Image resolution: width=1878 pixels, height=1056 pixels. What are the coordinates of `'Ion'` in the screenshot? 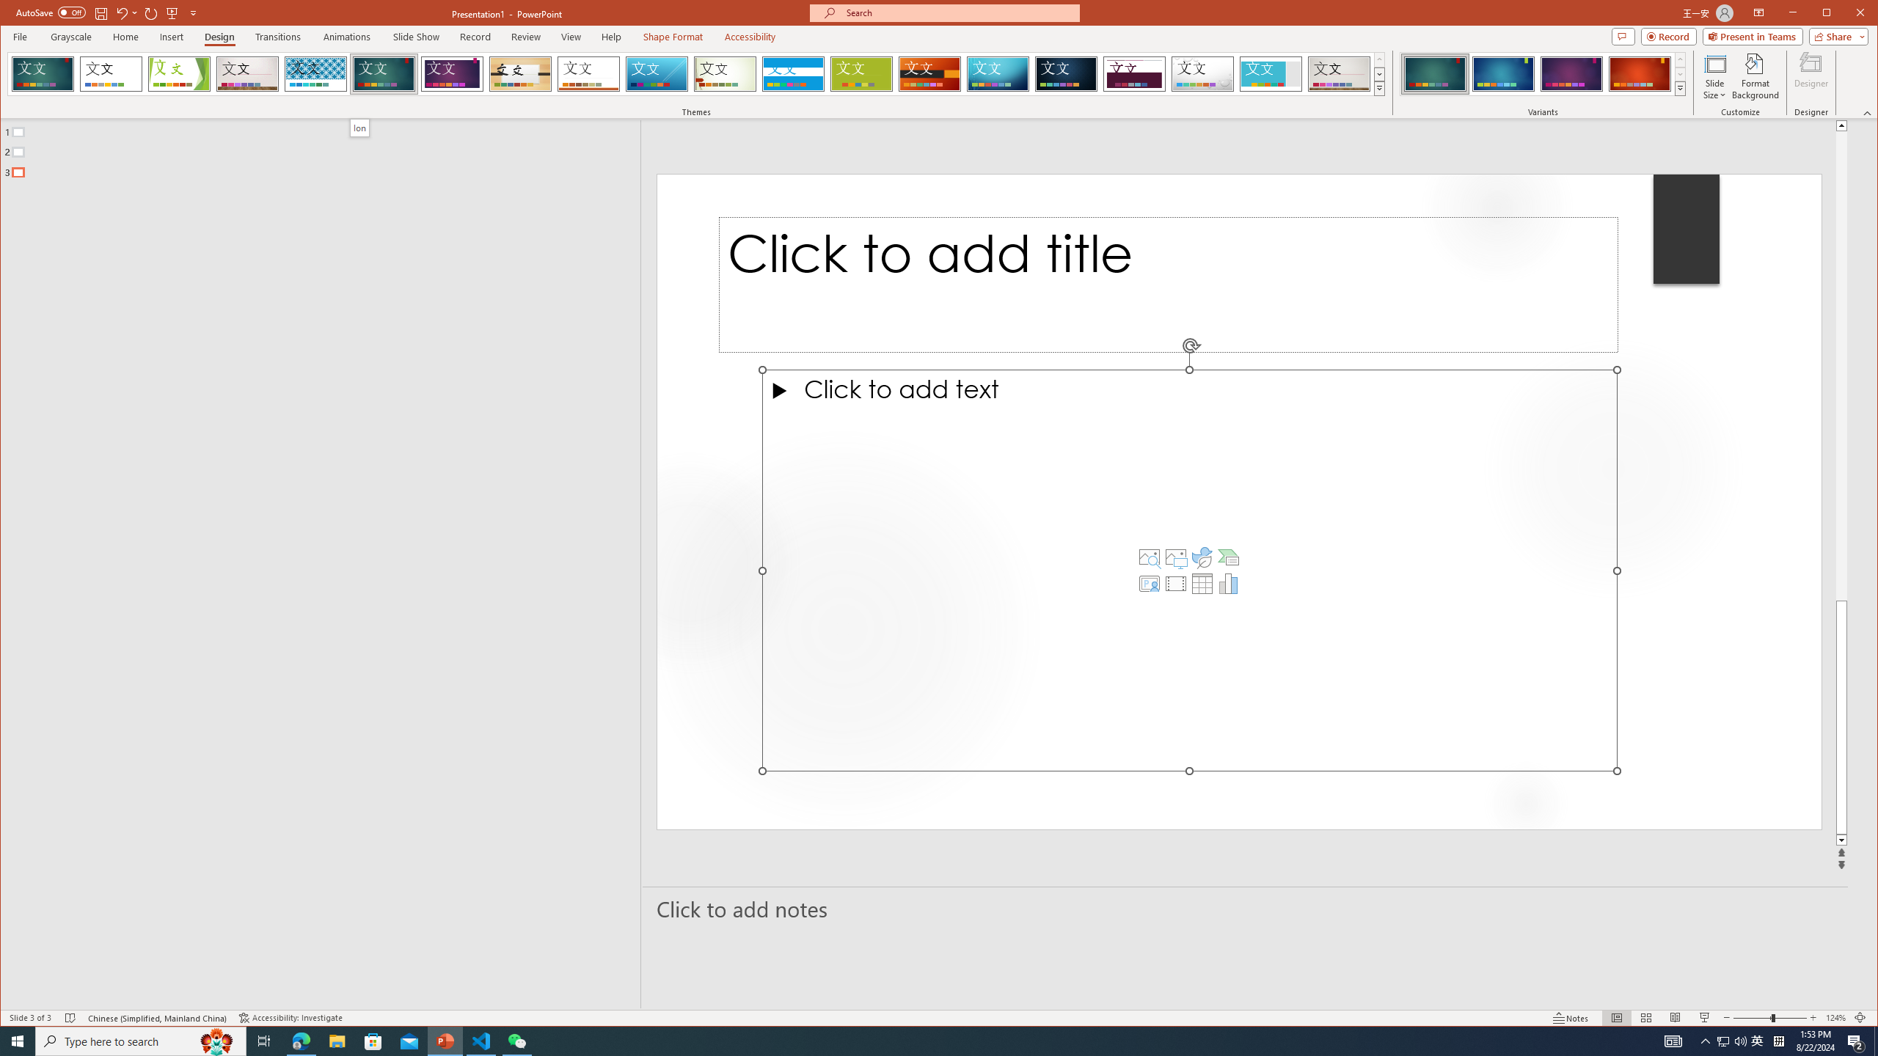 It's located at (359, 127).